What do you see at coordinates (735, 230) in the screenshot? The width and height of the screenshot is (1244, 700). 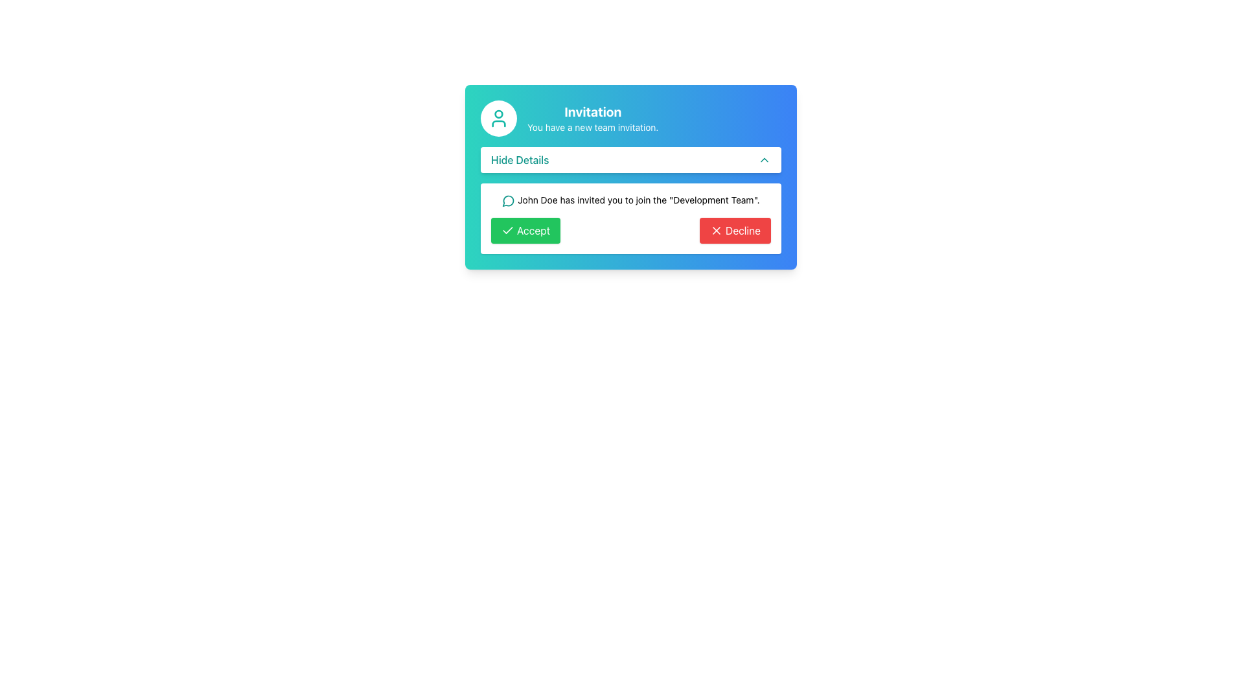 I see `the 'Decline' button` at bounding box center [735, 230].